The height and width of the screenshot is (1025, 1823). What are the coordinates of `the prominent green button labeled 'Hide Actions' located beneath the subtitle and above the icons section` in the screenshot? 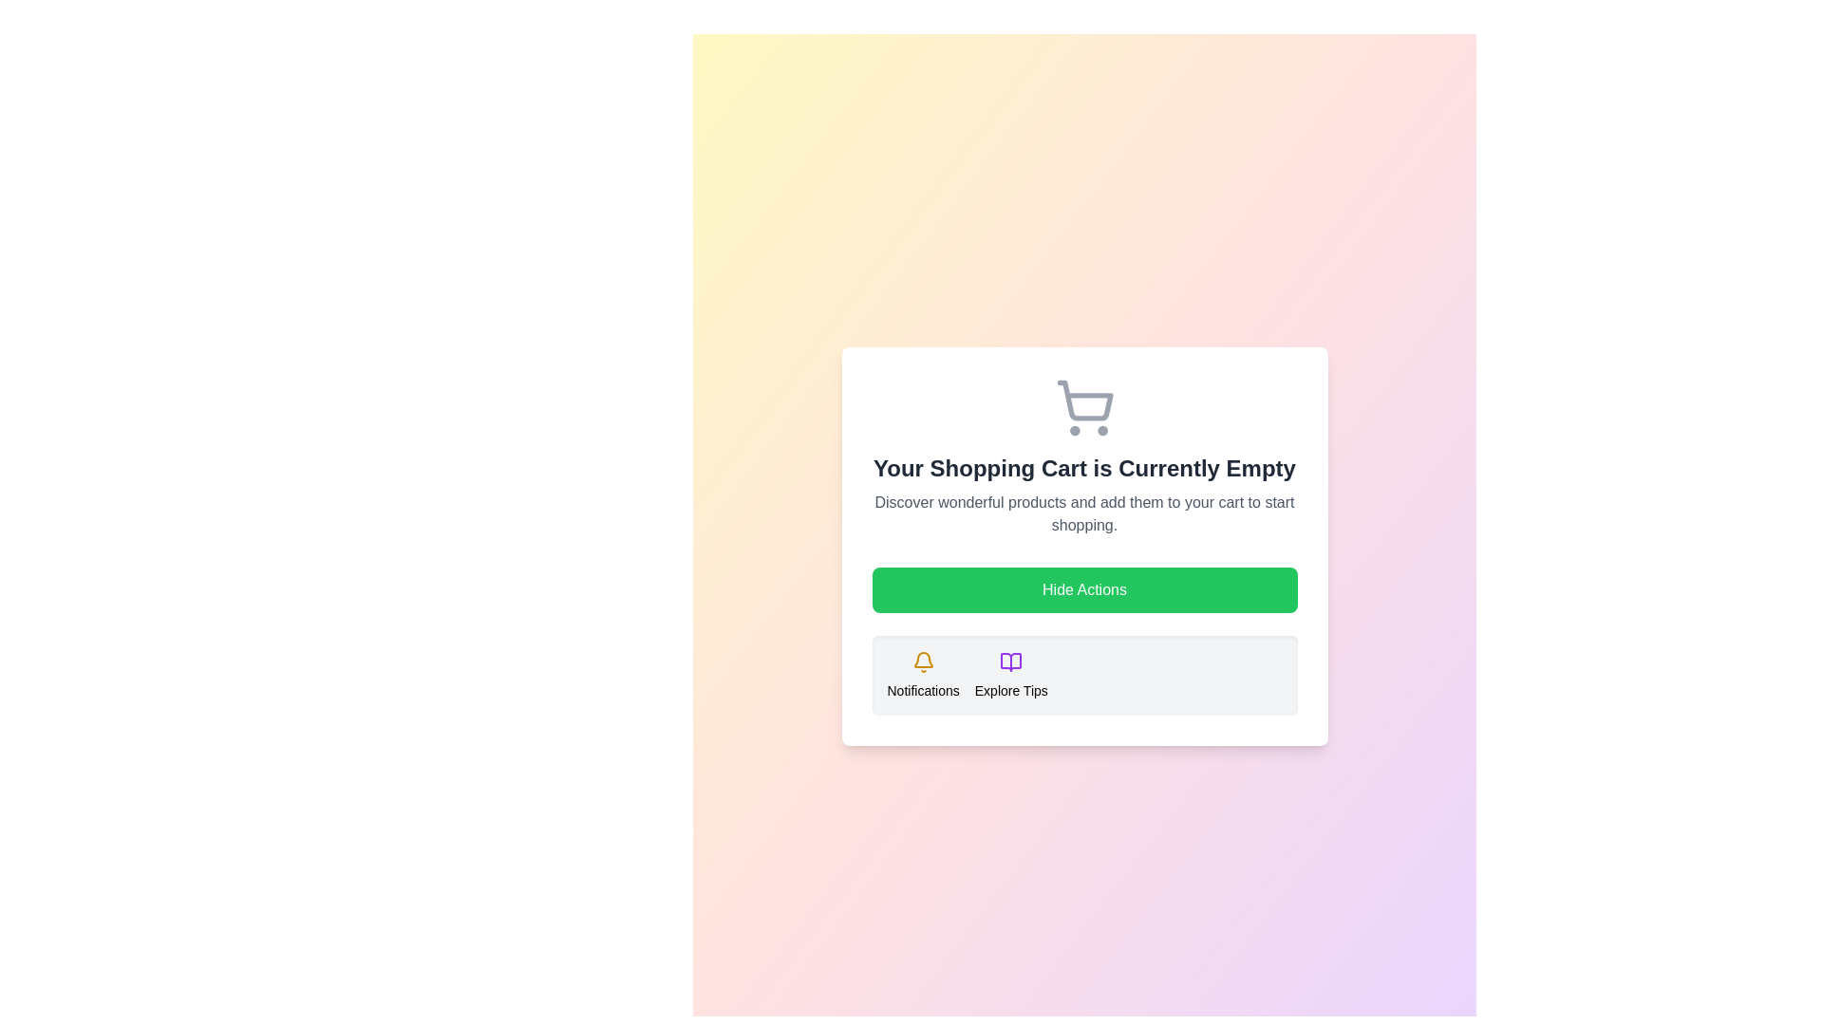 It's located at (1084, 588).